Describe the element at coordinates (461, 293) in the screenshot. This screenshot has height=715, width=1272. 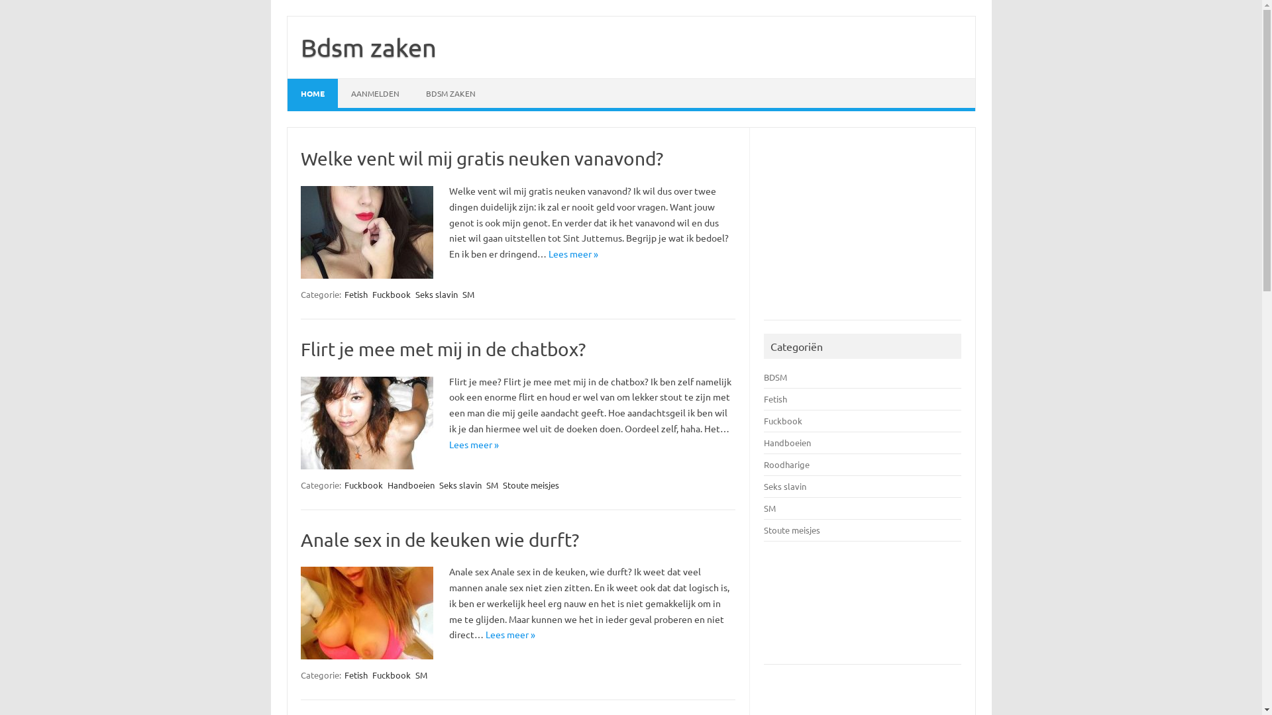
I see `'SM'` at that location.